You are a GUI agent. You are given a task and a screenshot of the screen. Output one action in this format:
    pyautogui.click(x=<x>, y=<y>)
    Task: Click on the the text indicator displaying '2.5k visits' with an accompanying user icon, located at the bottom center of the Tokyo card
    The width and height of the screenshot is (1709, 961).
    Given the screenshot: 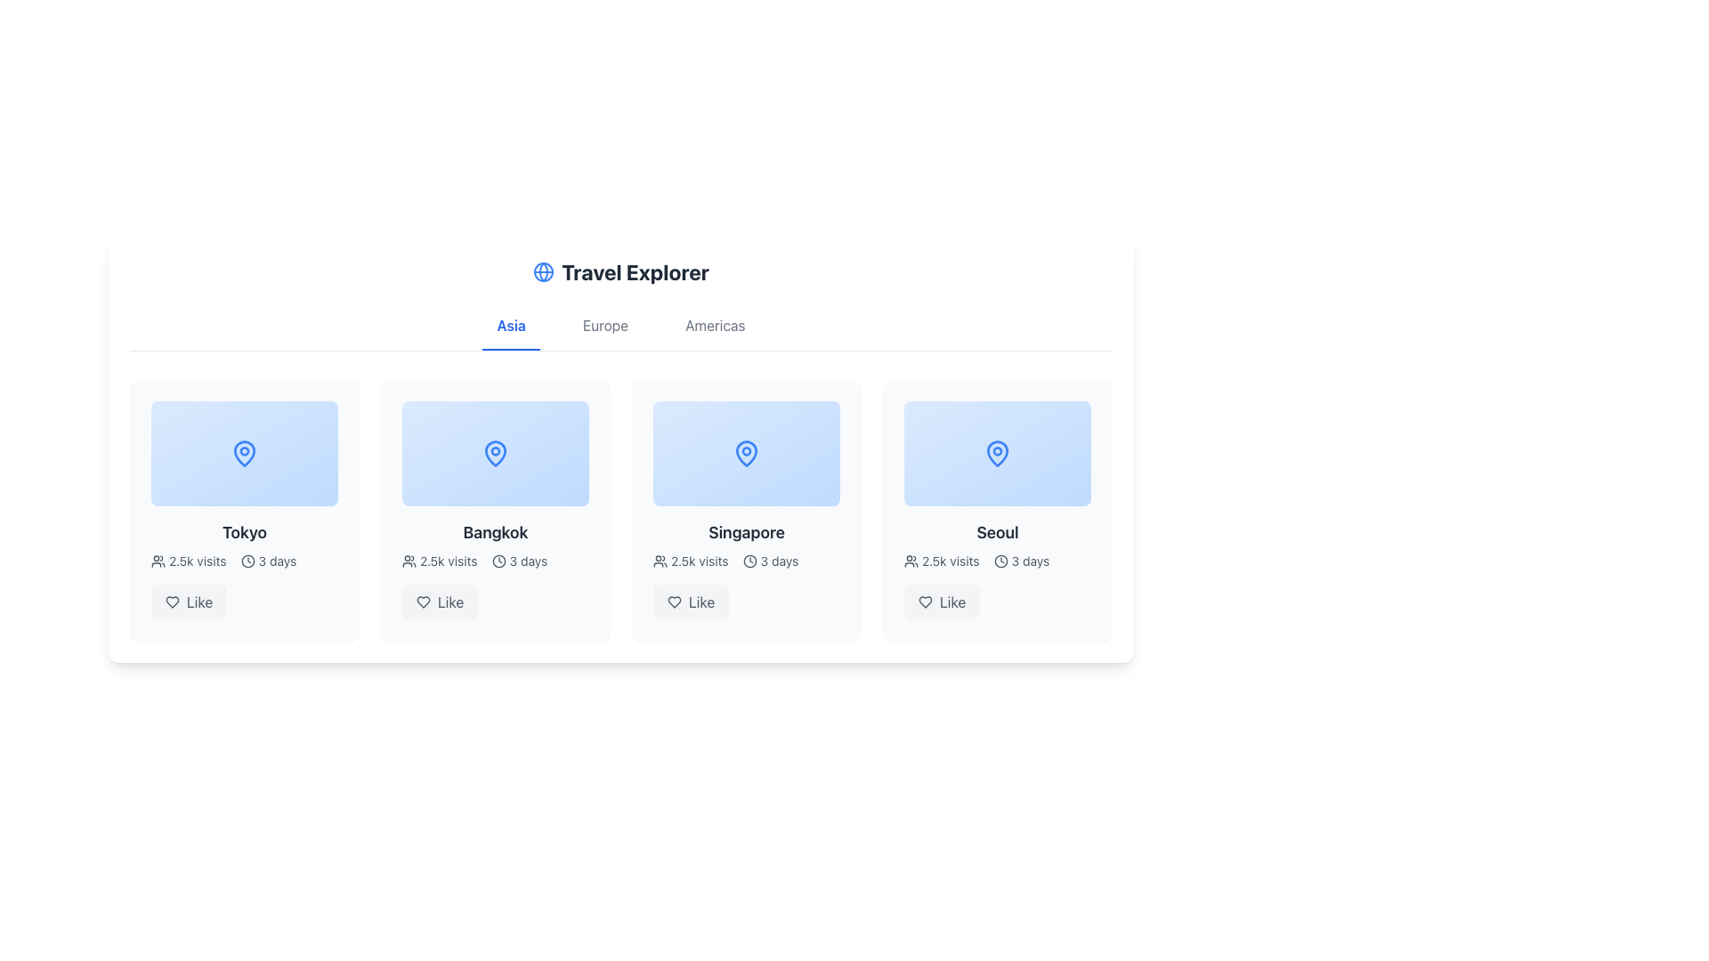 What is the action you would take?
    pyautogui.click(x=189, y=561)
    